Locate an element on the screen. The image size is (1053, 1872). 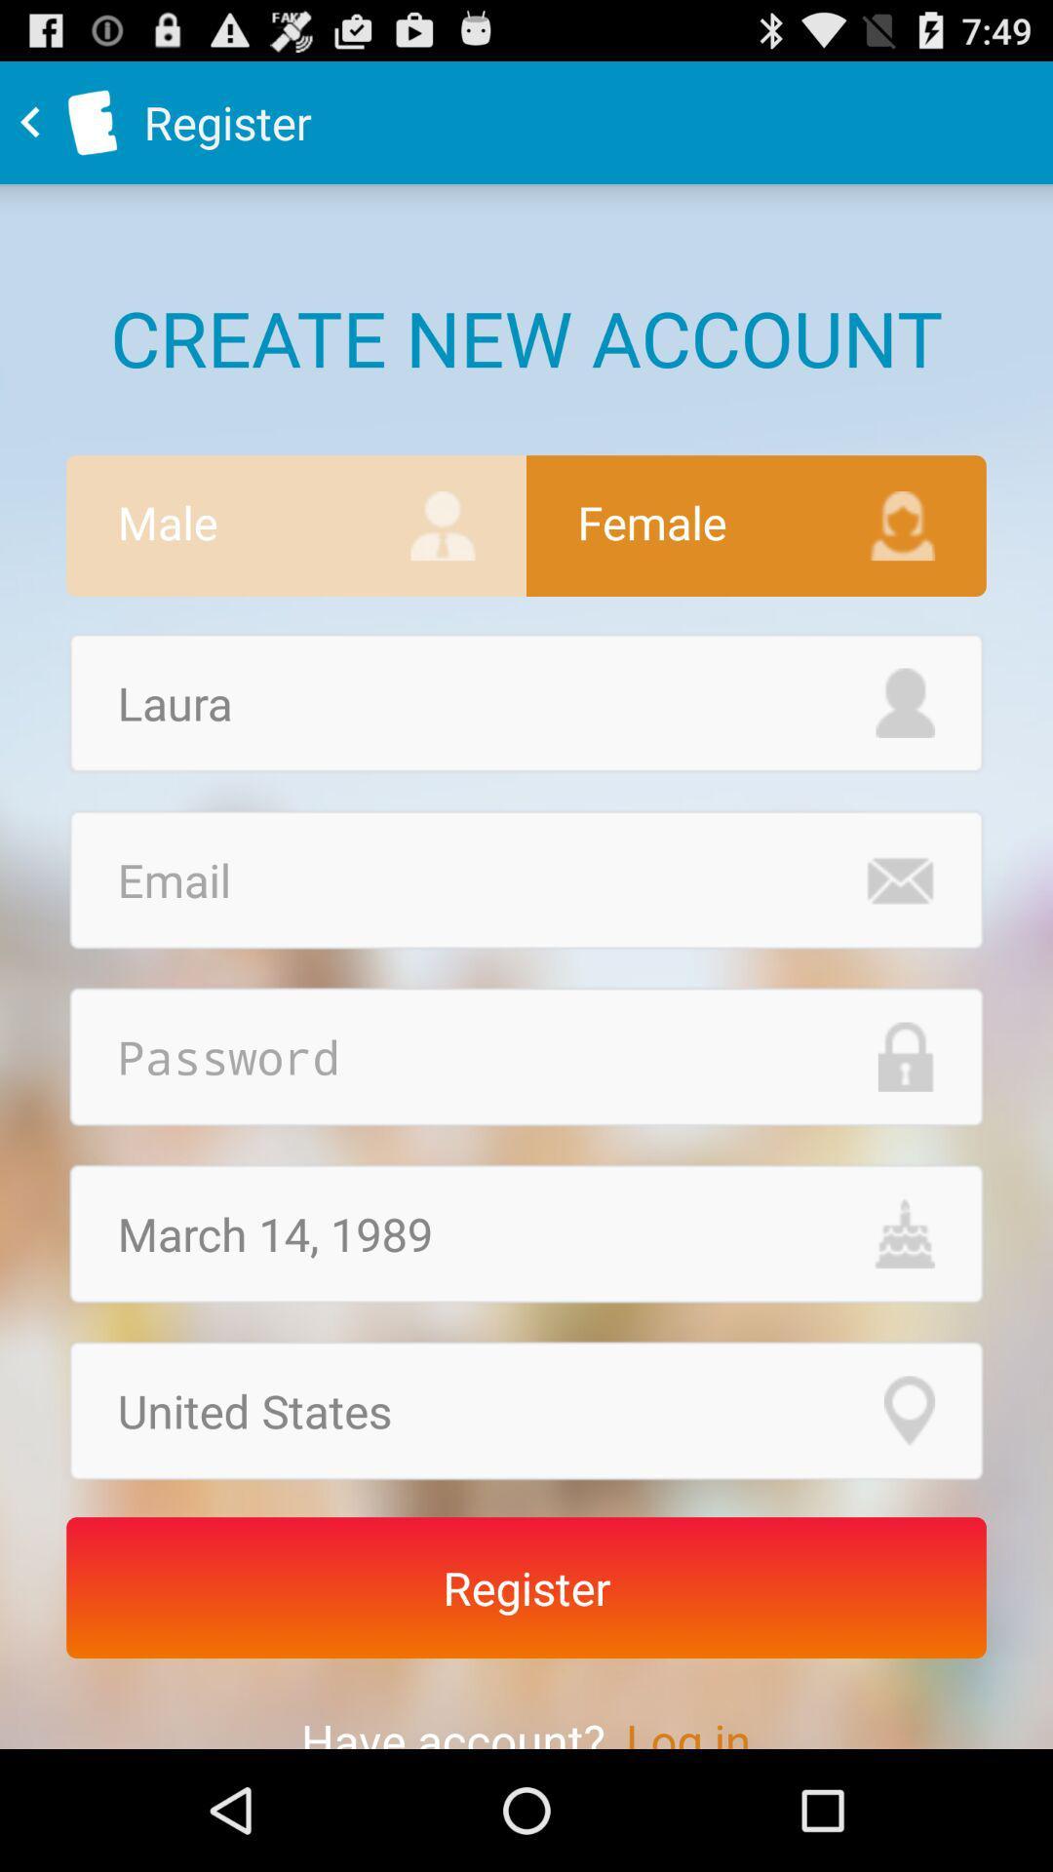
name box laura which is above email field box is located at coordinates (526, 702).